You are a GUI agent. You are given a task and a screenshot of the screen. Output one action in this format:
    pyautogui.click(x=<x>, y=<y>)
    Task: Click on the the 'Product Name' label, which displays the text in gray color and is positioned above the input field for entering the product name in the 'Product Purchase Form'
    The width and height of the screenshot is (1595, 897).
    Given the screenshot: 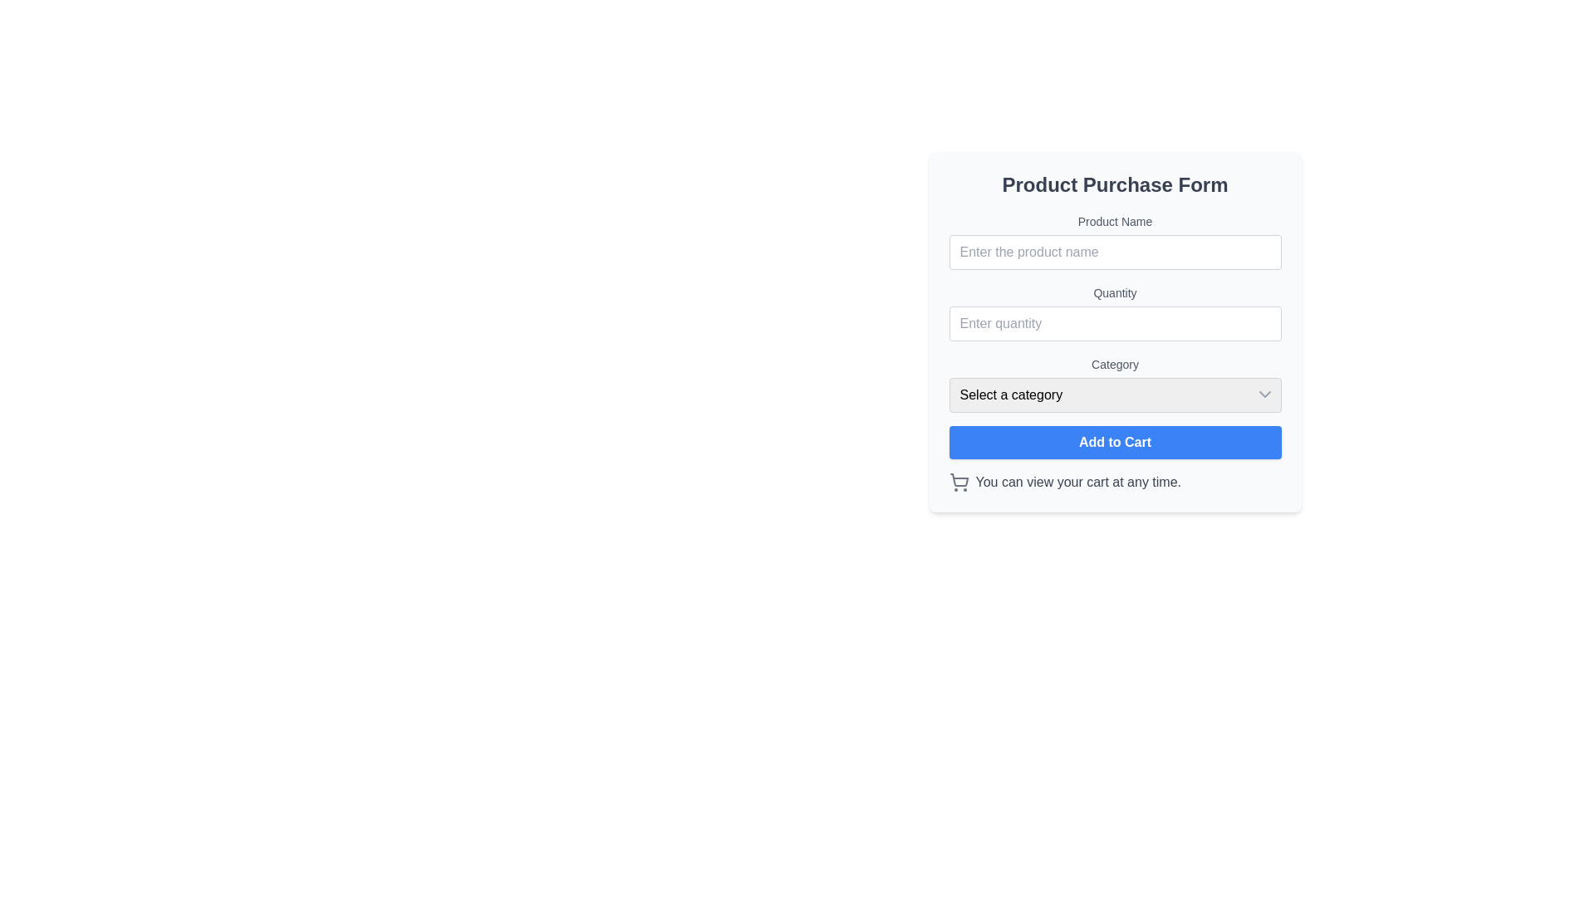 What is the action you would take?
    pyautogui.click(x=1115, y=220)
    